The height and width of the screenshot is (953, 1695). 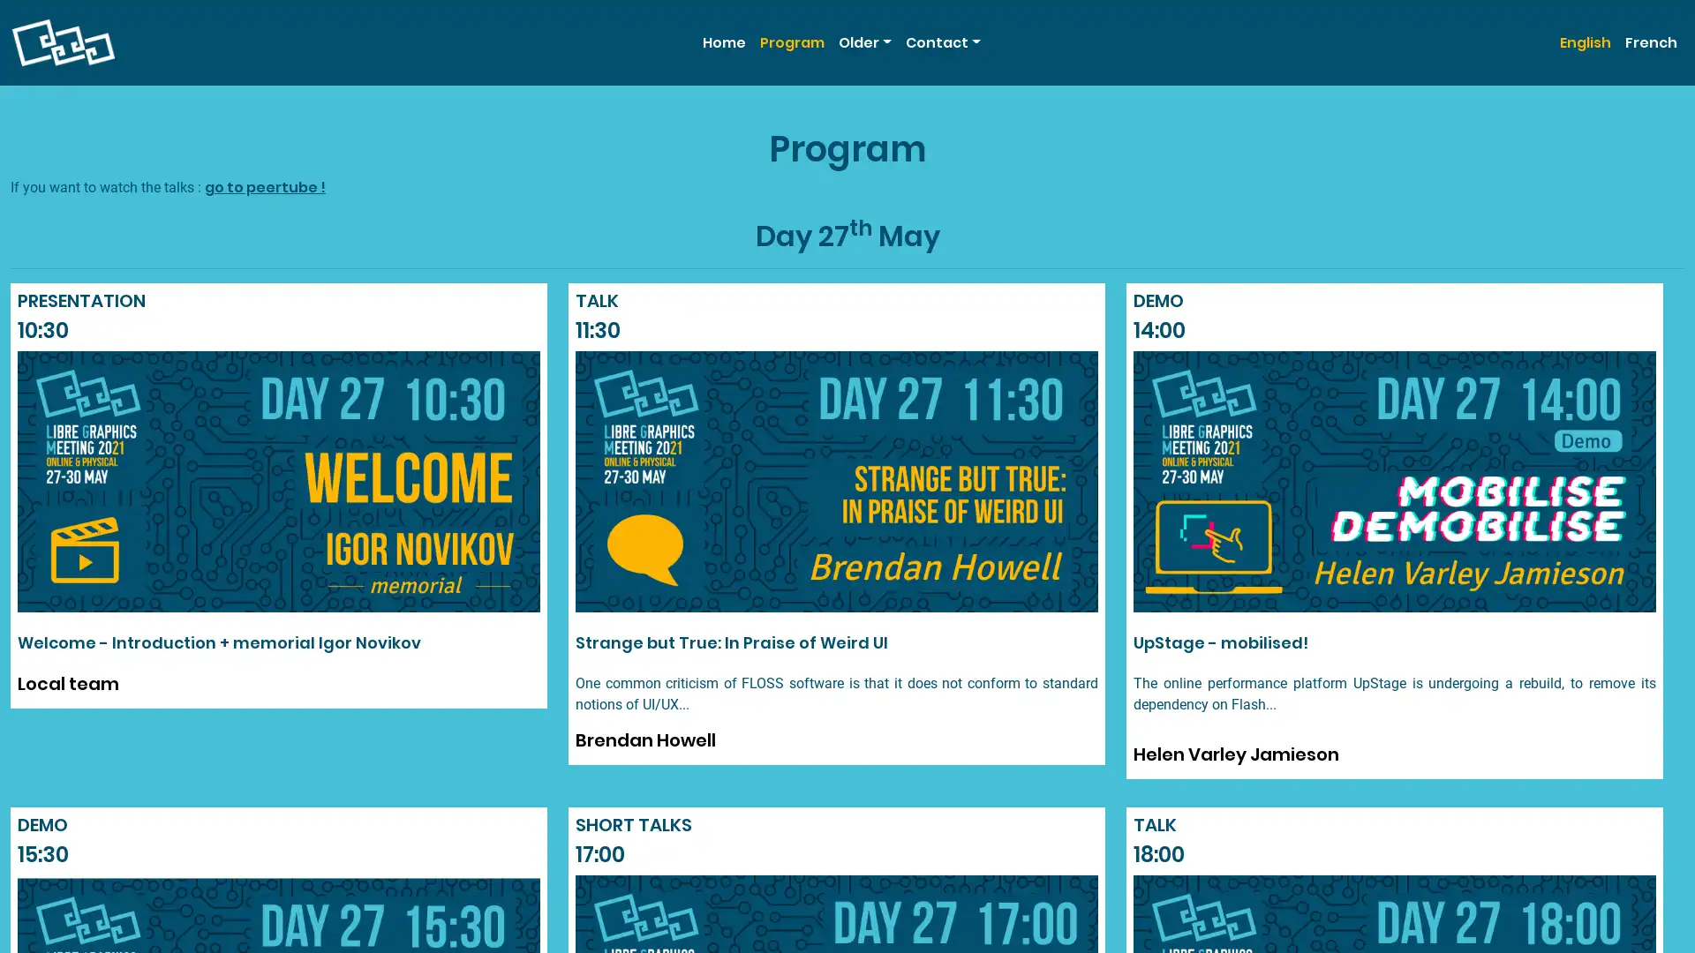 I want to click on Older, so click(x=864, y=41).